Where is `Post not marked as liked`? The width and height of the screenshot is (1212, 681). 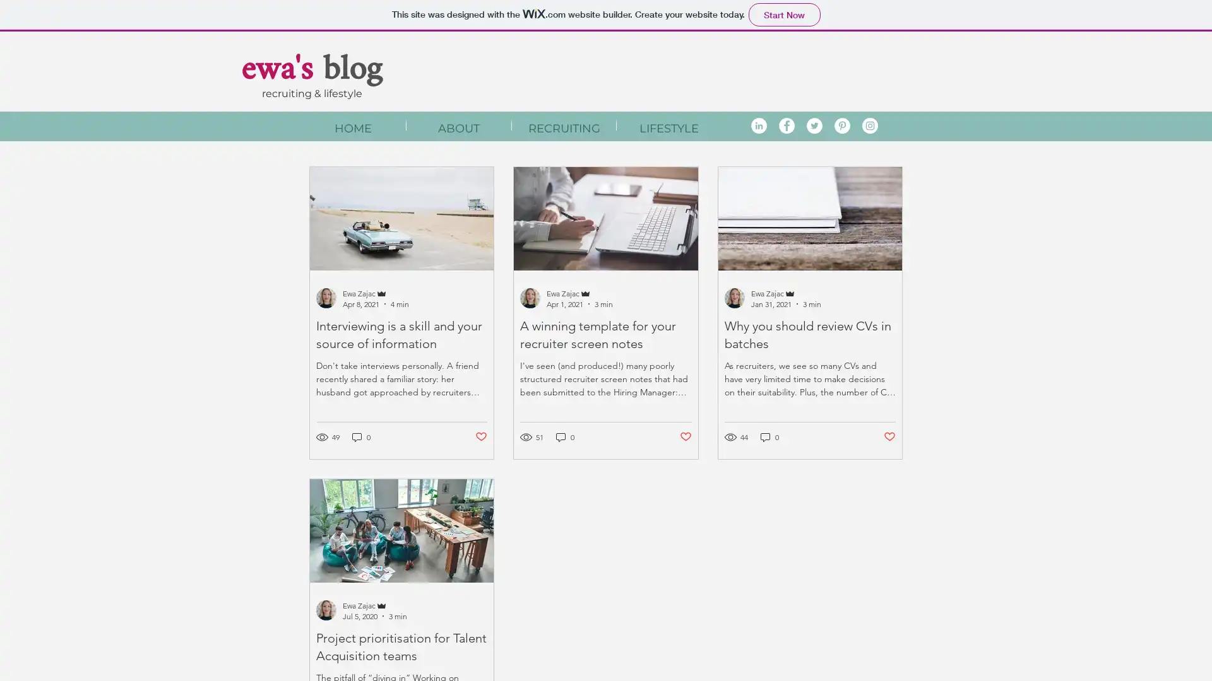 Post not marked as liked is located at coordinates (889, 436).